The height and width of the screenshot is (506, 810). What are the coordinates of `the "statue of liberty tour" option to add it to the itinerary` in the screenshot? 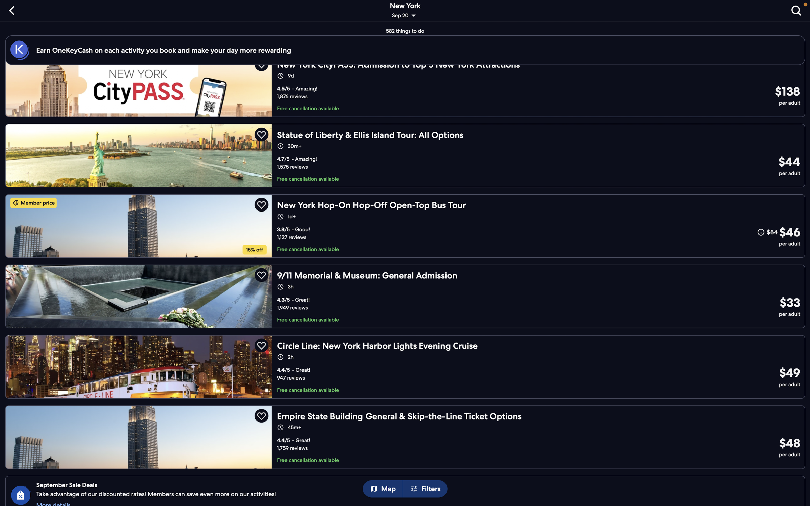 It's located at (406, 154).